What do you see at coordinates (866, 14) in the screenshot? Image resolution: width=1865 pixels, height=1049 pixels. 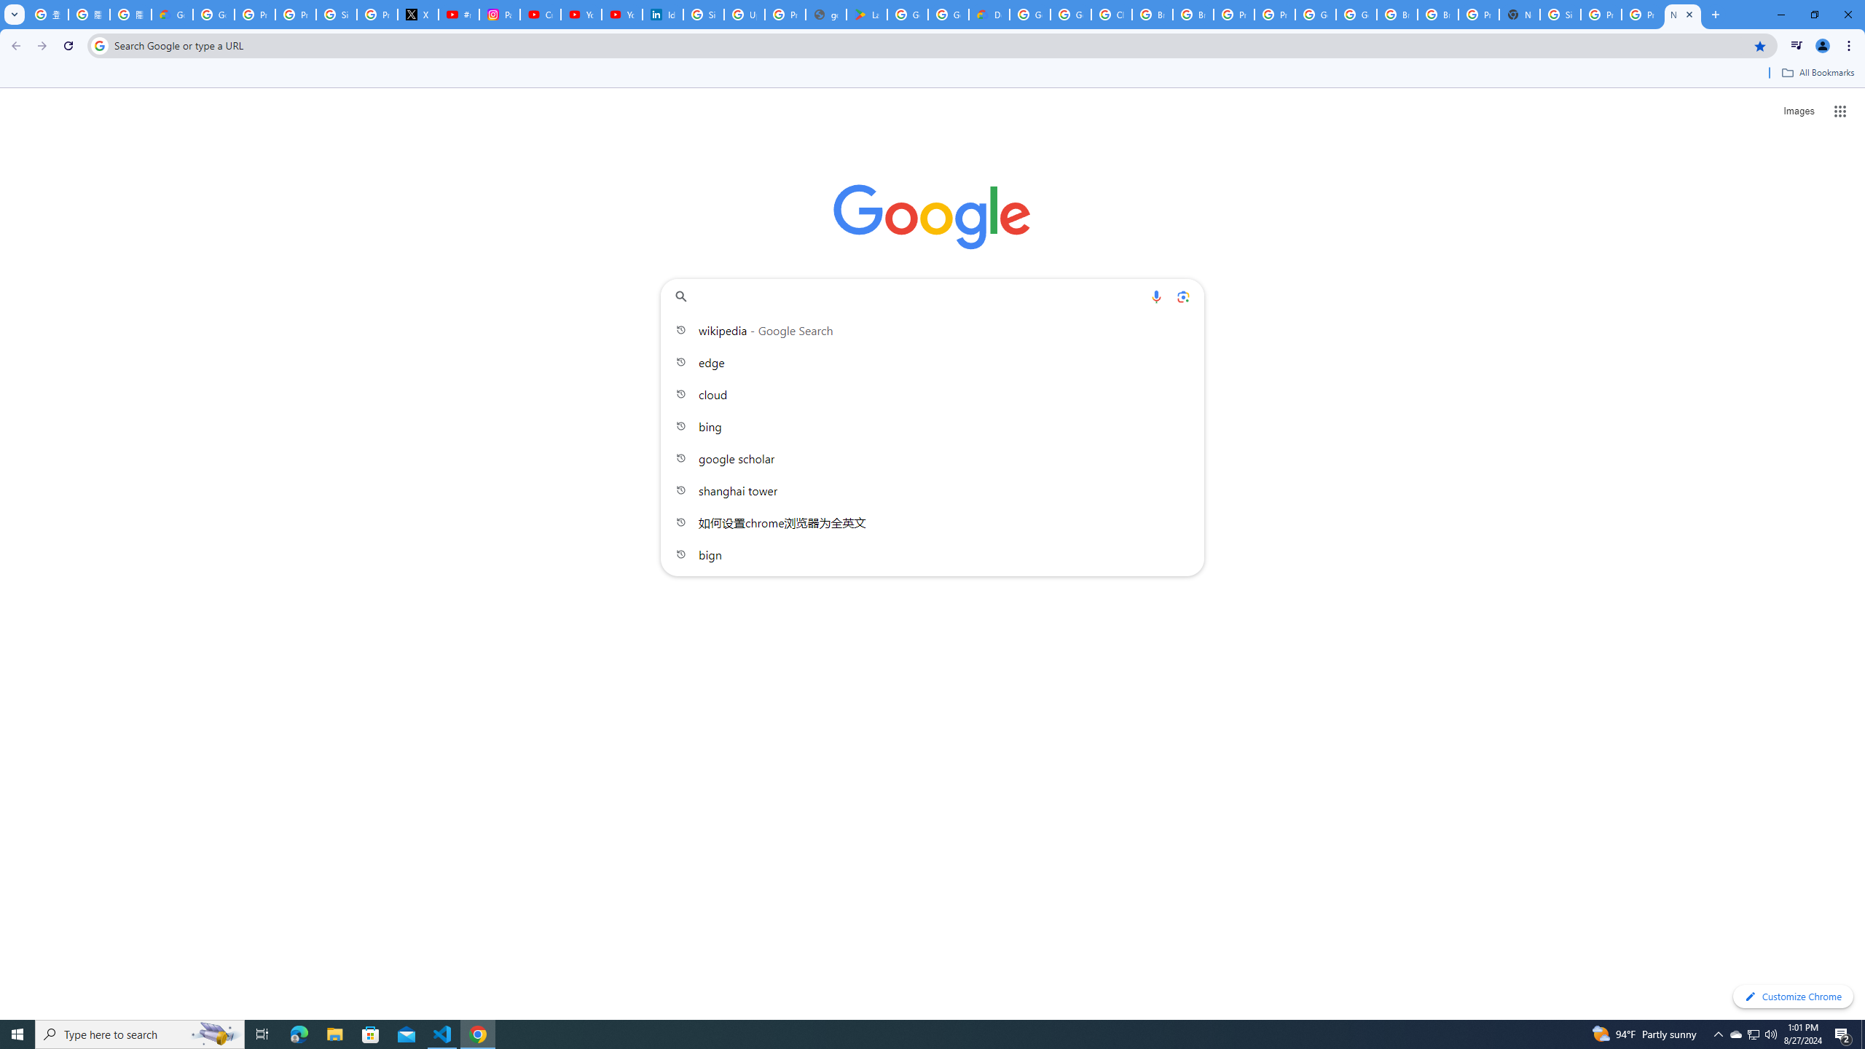 I see `'Last Shelter: Survival - Apps on Google Play'` at bounding box center [866, 14].